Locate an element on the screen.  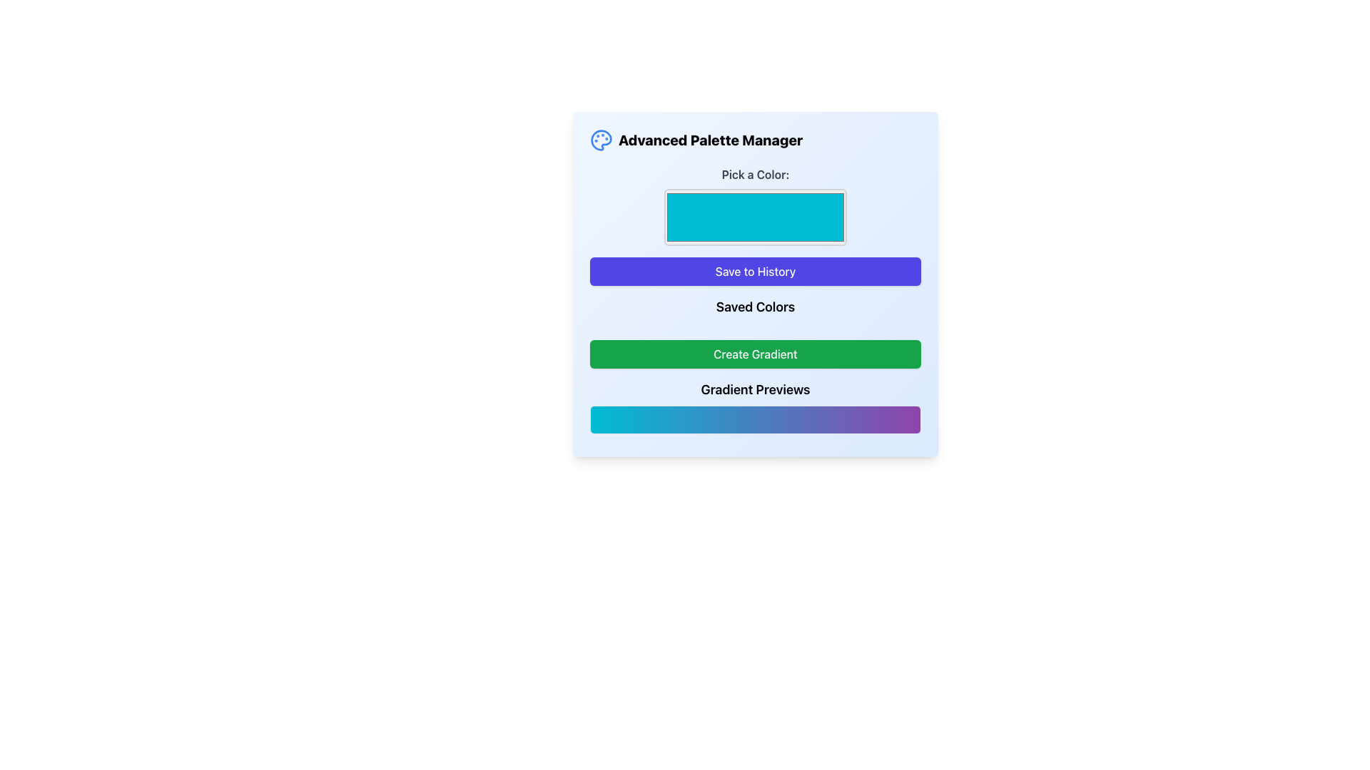
the horizontally-oriented rectangular section with a gradient background transitioning from blue to purple, labeled 'Gradient Previews', located below the 'Create Gradient' button is located at coordinates (755, 406).